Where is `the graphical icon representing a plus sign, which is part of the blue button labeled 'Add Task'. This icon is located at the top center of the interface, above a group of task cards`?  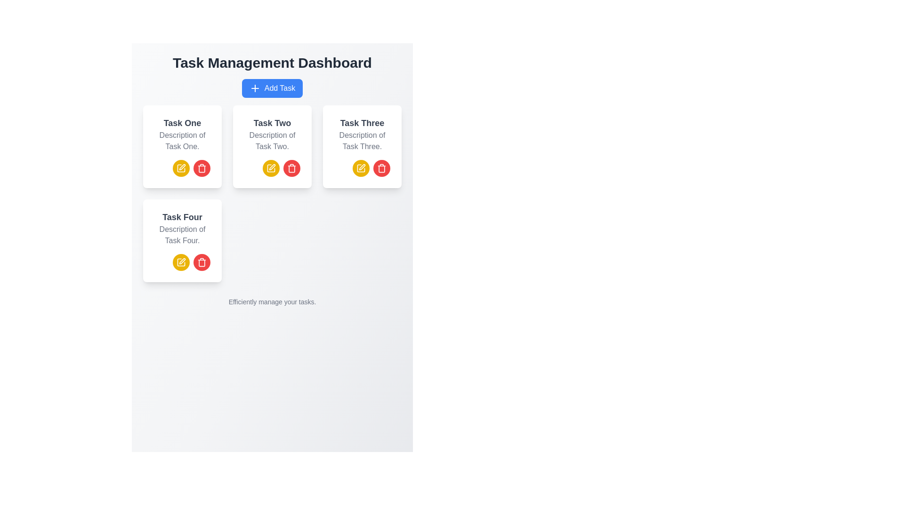 the graphical icon representing a plus sign, which is part of the blue button labeled 'Add Task'. This icon is located at the top center of the interface, above a group of task cards is located at coordinates (255, 88).